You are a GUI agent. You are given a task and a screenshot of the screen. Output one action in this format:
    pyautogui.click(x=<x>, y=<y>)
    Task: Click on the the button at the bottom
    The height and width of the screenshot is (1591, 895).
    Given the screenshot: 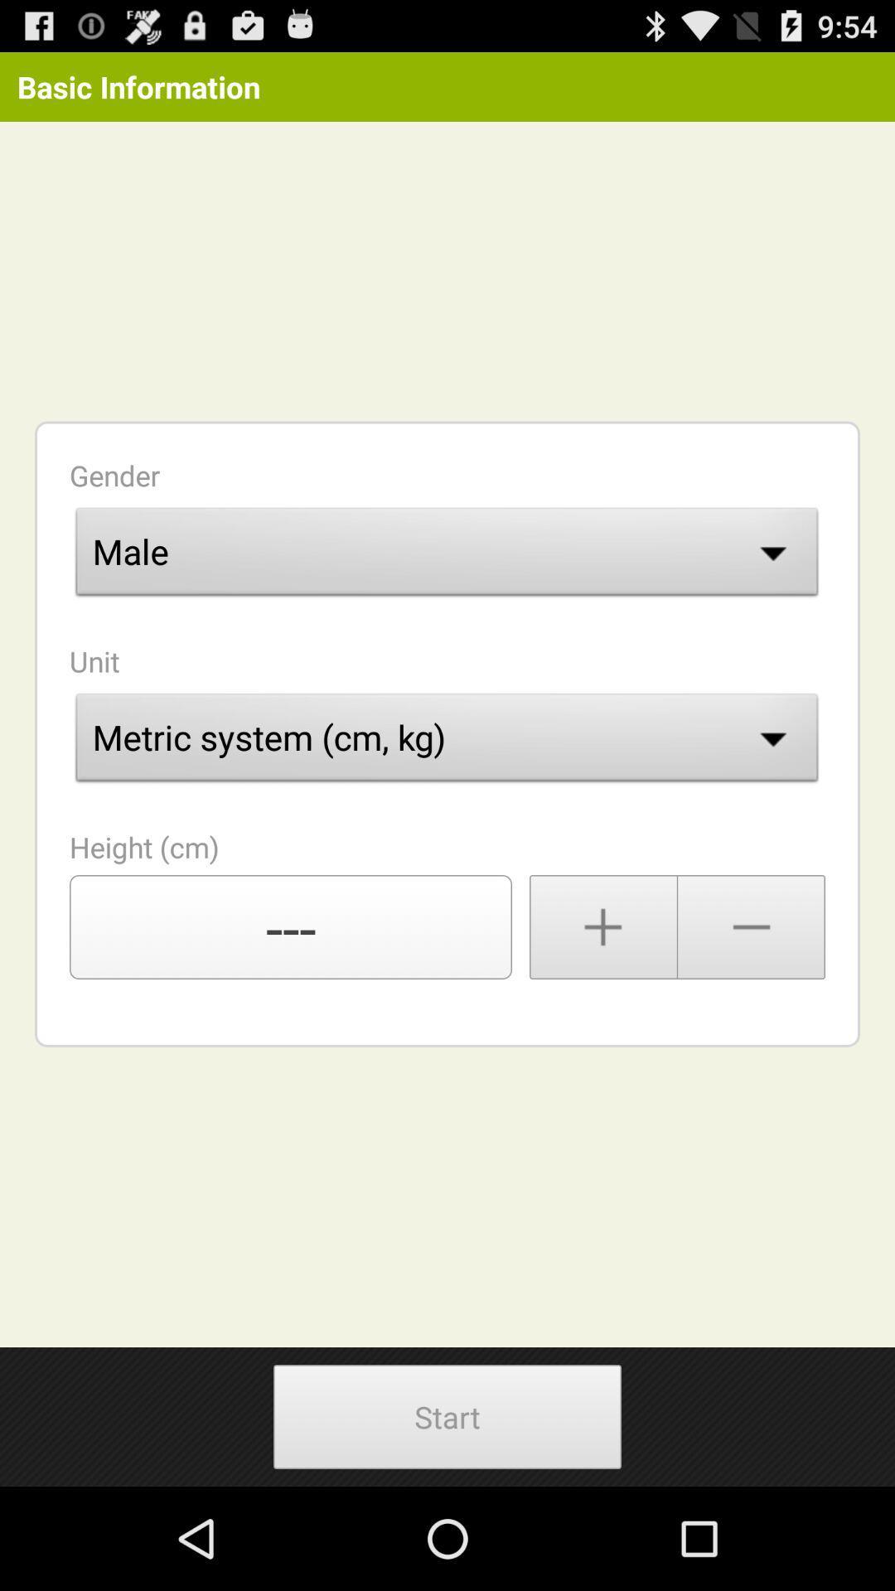 What is the action you would take?
    pyautogui.click(x=447, y=1415)
    